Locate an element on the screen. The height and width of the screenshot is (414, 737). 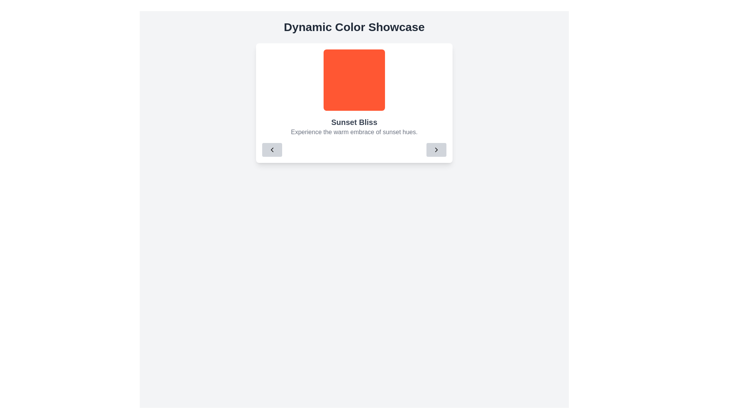
the navigational button located in the bottom right of the card is located at coordinates (436, 149).